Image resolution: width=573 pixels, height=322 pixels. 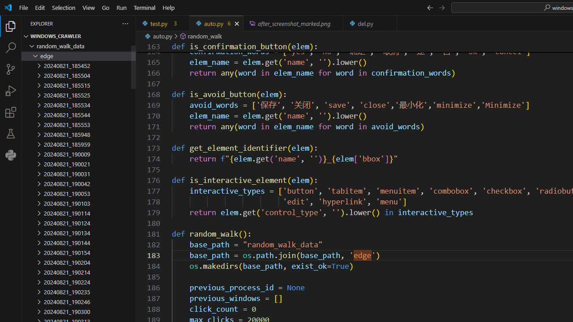 I want to click on 'Testing', so click(x=11, y=134).